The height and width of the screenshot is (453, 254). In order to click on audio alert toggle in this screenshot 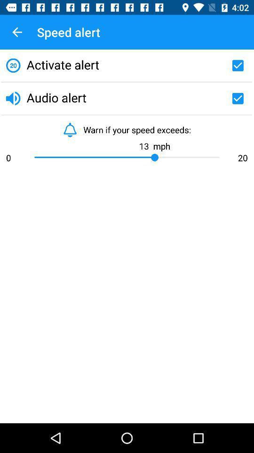, I will do `click(237, 98)`.